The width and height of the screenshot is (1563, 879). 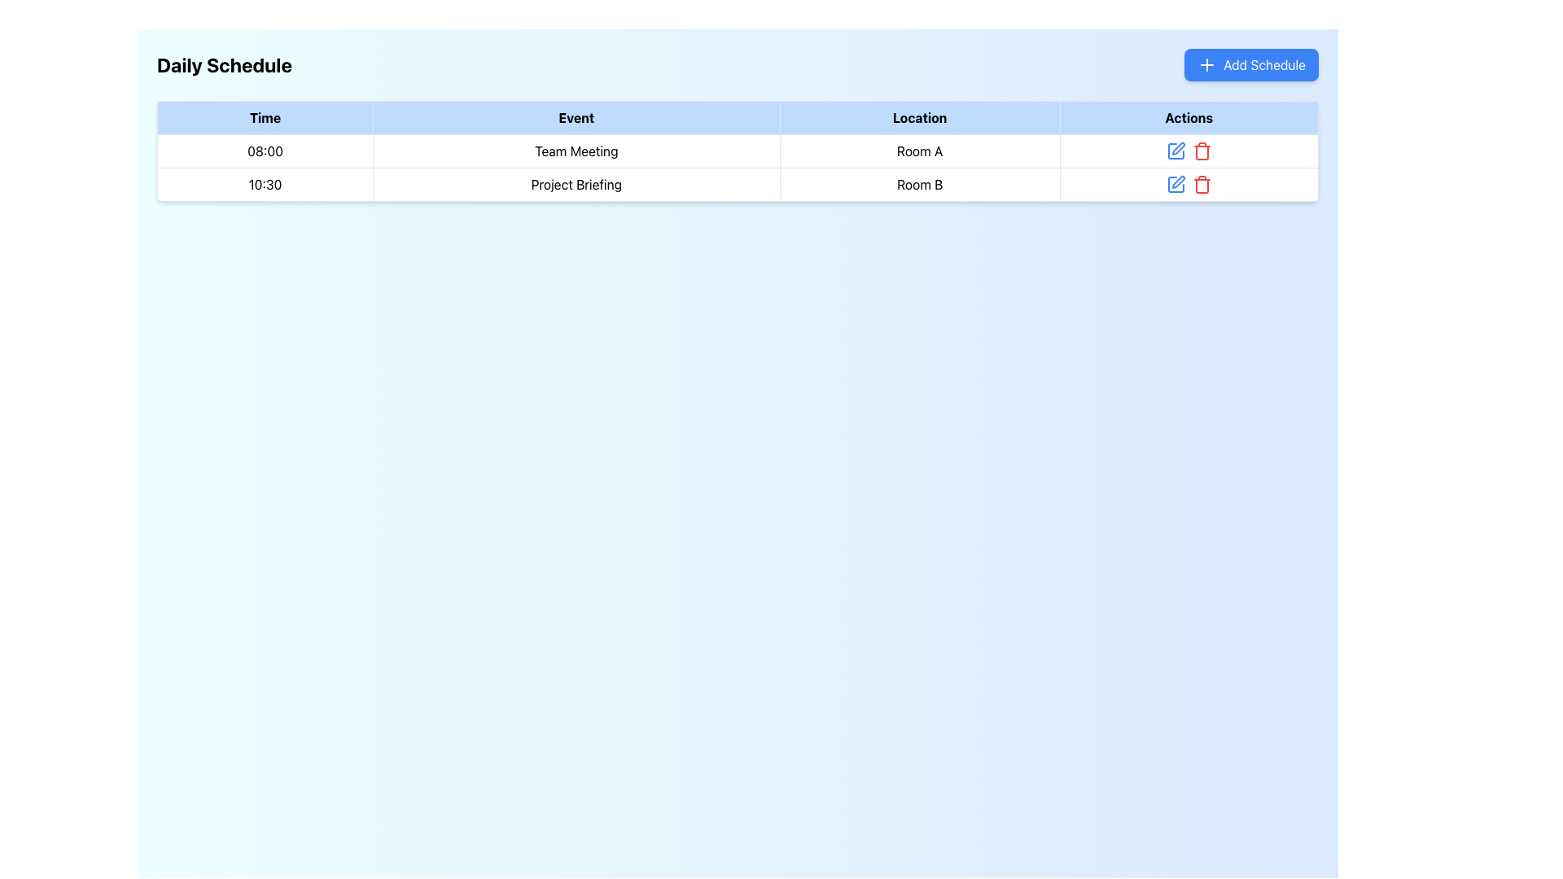 What do you see at coordinates (265, 117) in the screenshot?
I see `the time information column header in the table located in the first column of the header row, near the 'Daily Schedule' heading` at bounding box center [265, 117].